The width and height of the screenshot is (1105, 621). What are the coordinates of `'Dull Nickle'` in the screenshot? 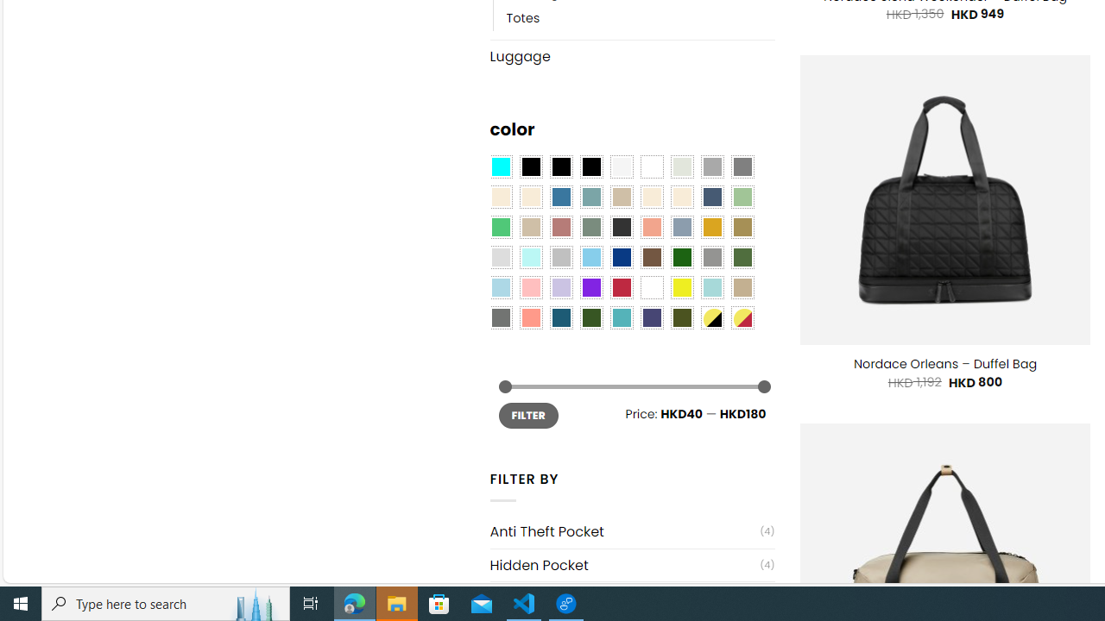 It's located at (499, 317).